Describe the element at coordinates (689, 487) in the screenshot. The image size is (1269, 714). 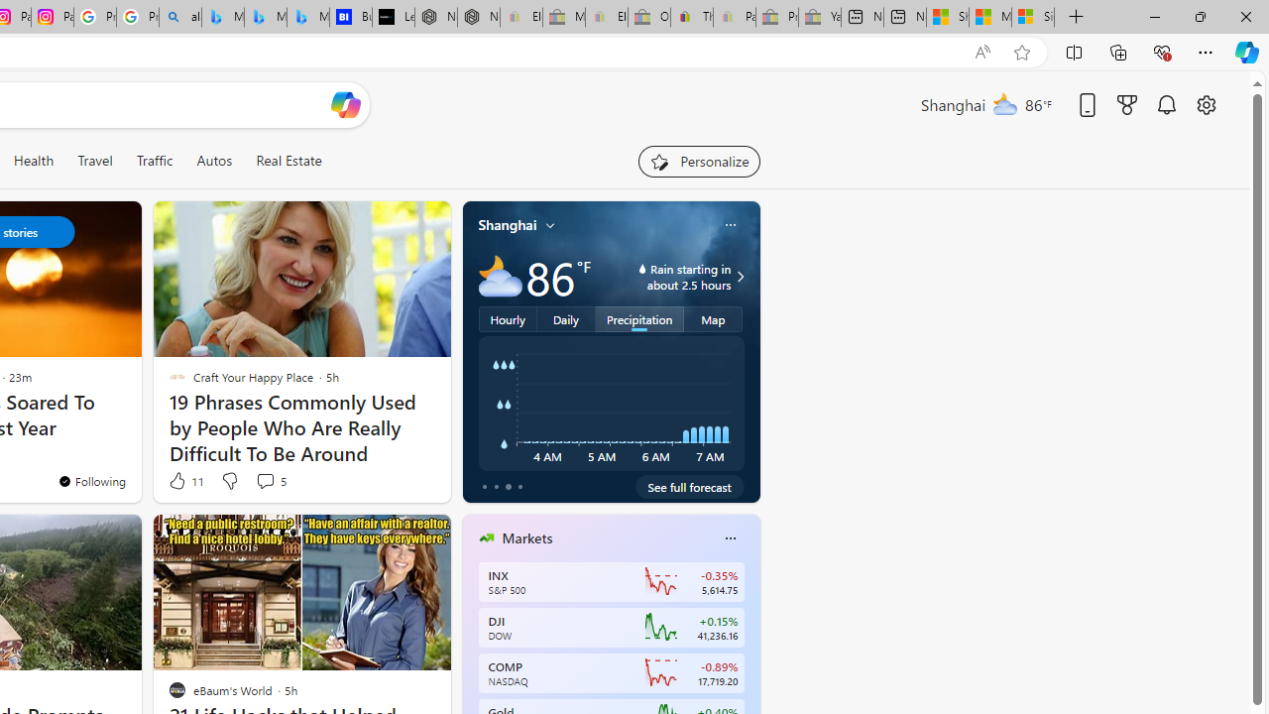
I see `'See full forecast'` at that location.